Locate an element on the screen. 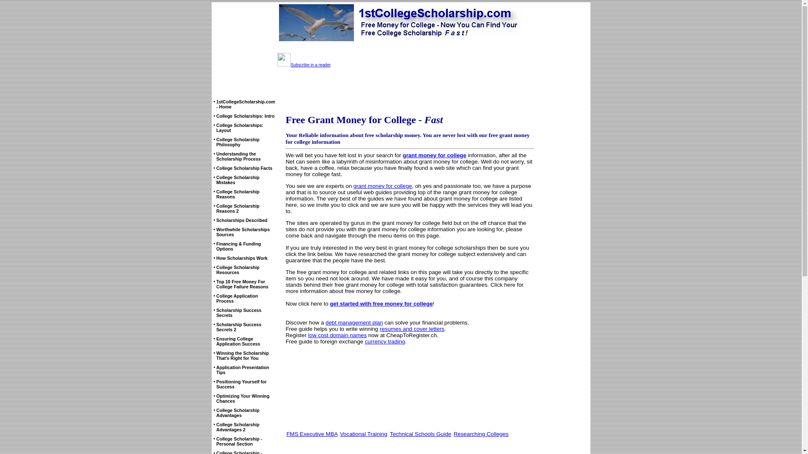 This screenshot has width=808, height=454. 'low cost domain names' is located at coordinates (337, 335).